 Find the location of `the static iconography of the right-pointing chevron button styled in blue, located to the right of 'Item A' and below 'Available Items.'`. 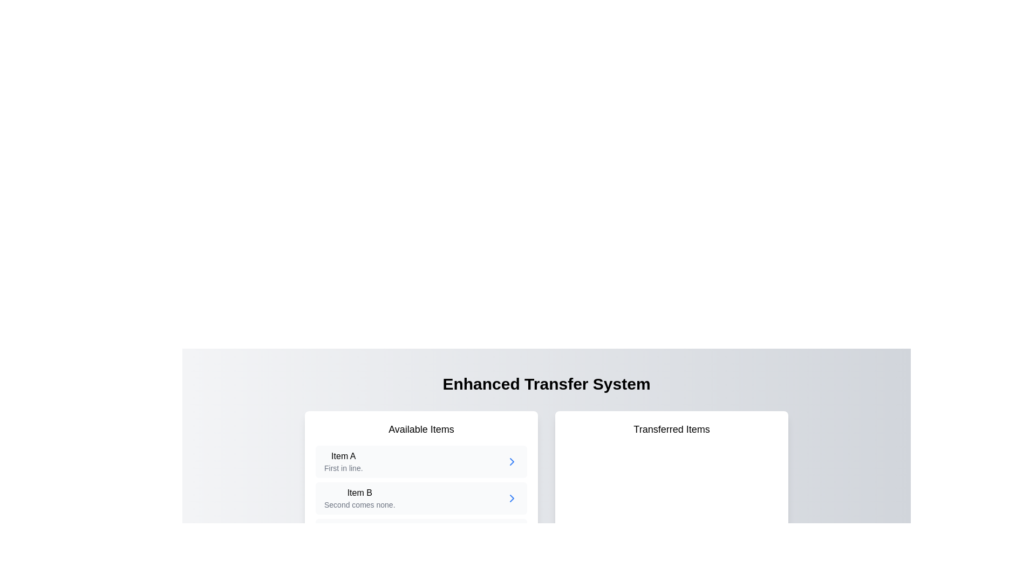

the static iconography of the right-pointing chevron button styled in blue, located to the right of 'Item A' and below 'Available Items.' is located at coordinates (512, 461).